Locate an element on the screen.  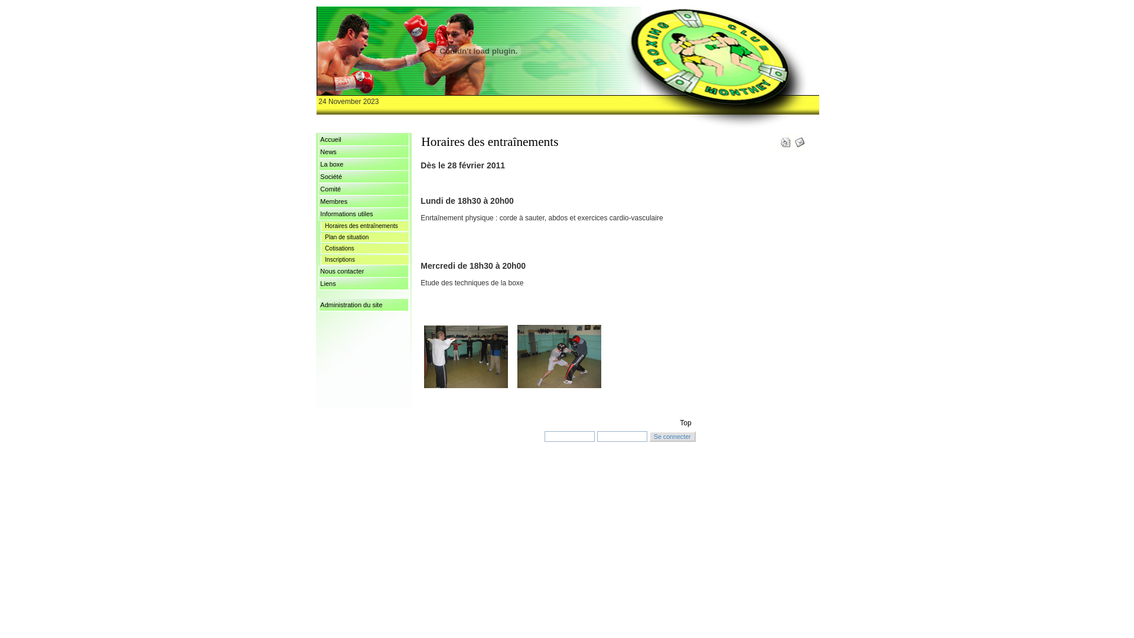
'Administration du site' is located at coordinates (363, 304).